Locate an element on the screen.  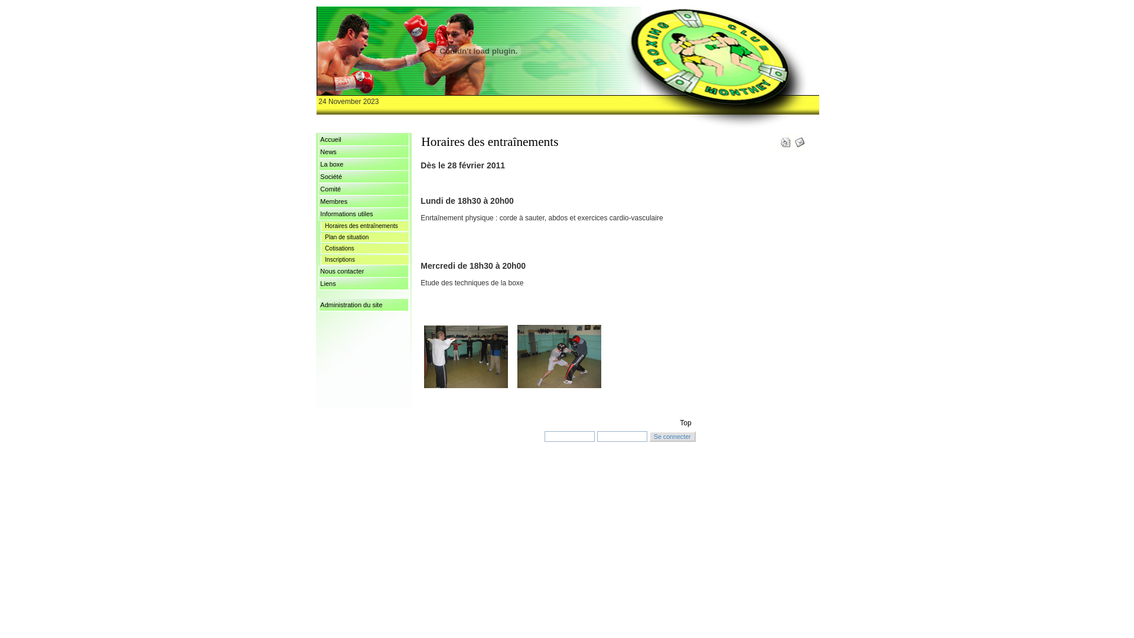
'Administration du site' is located at coordinates (363, 304).